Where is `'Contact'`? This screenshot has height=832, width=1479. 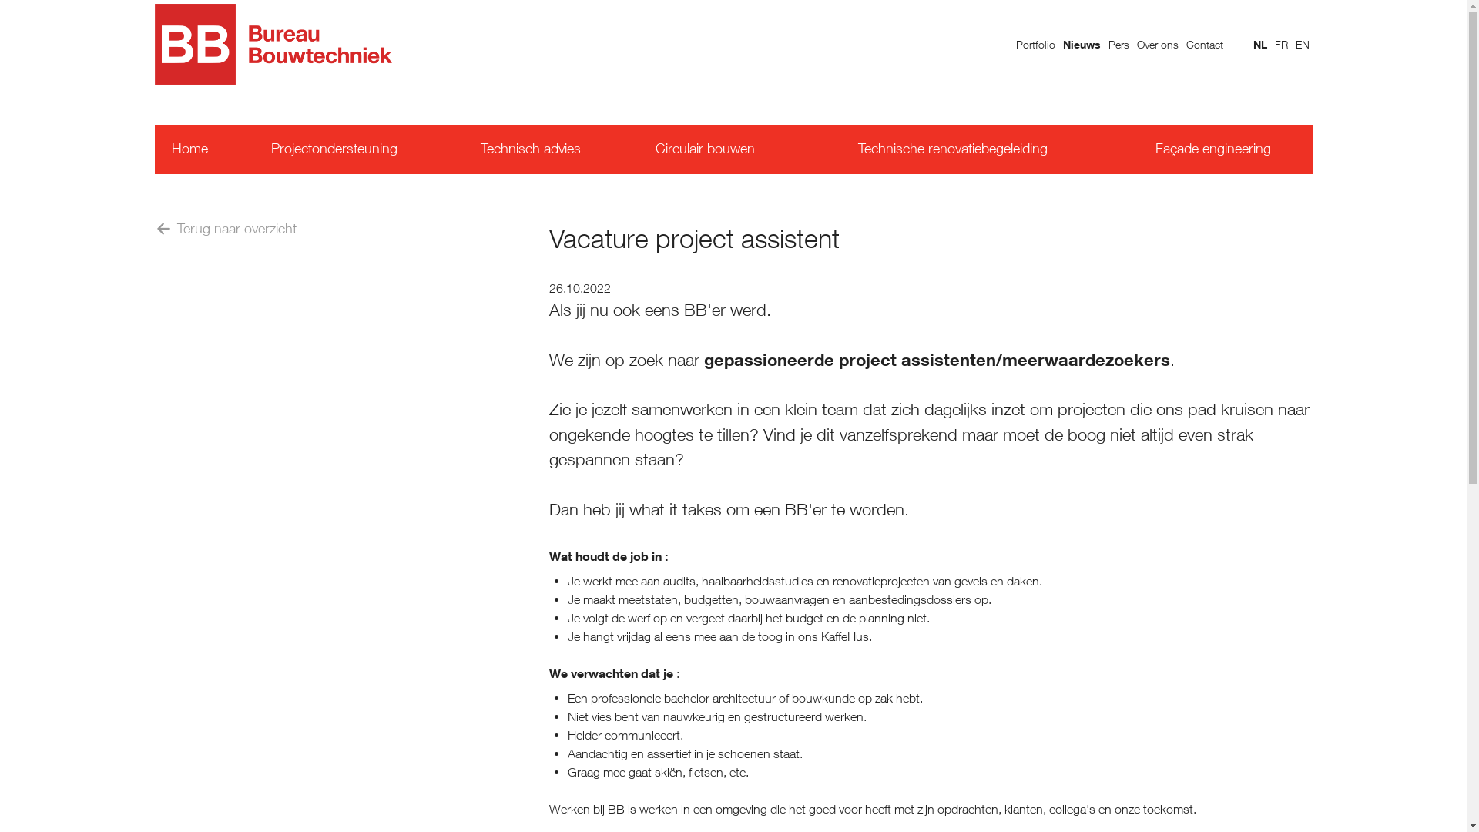 'Contact' is located at coordinates (1204, 43).